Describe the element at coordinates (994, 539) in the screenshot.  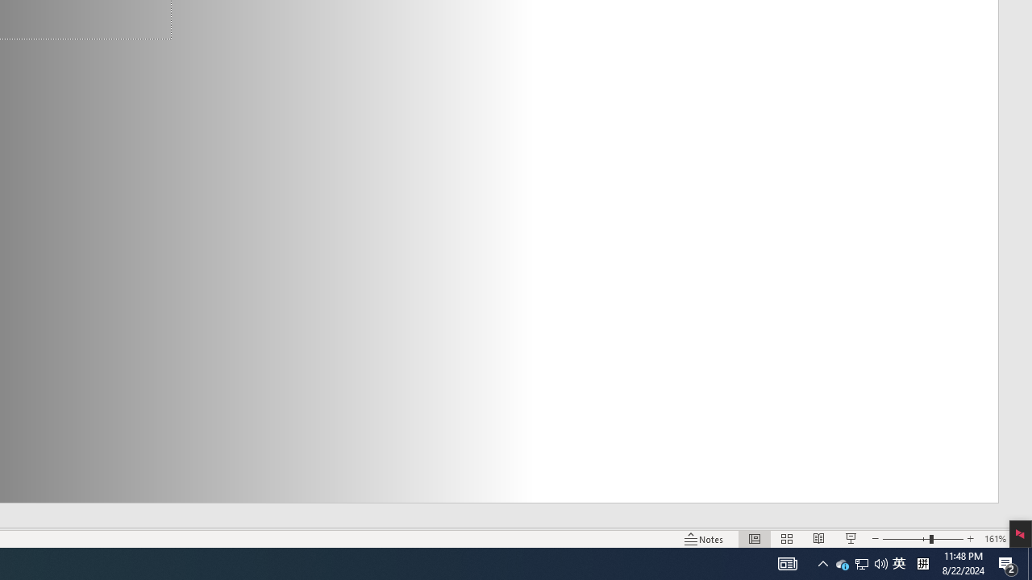
I see `'Zoom 161%'` at that location.